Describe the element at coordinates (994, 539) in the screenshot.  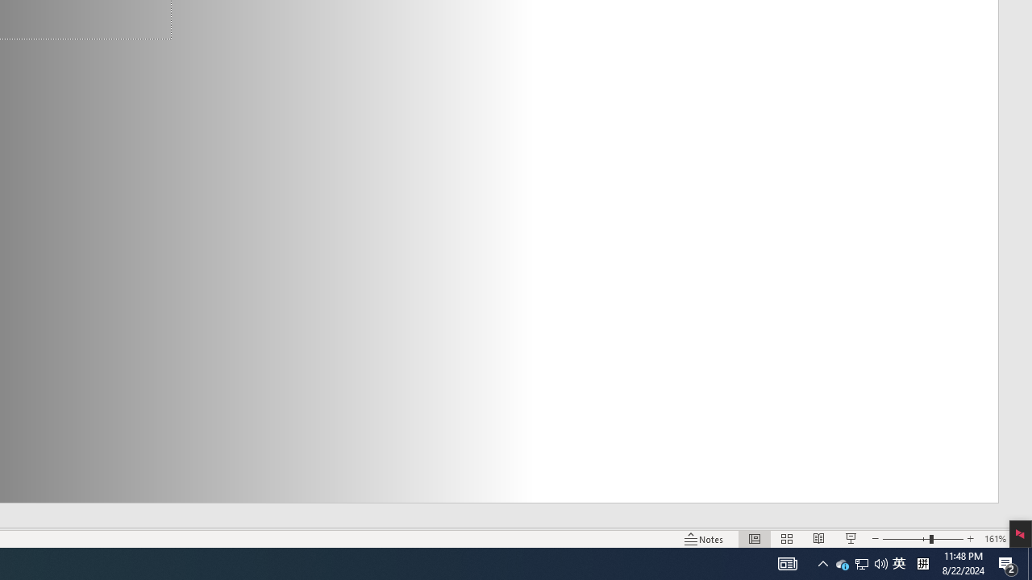
I see `'Zoom 161%'` at that location.